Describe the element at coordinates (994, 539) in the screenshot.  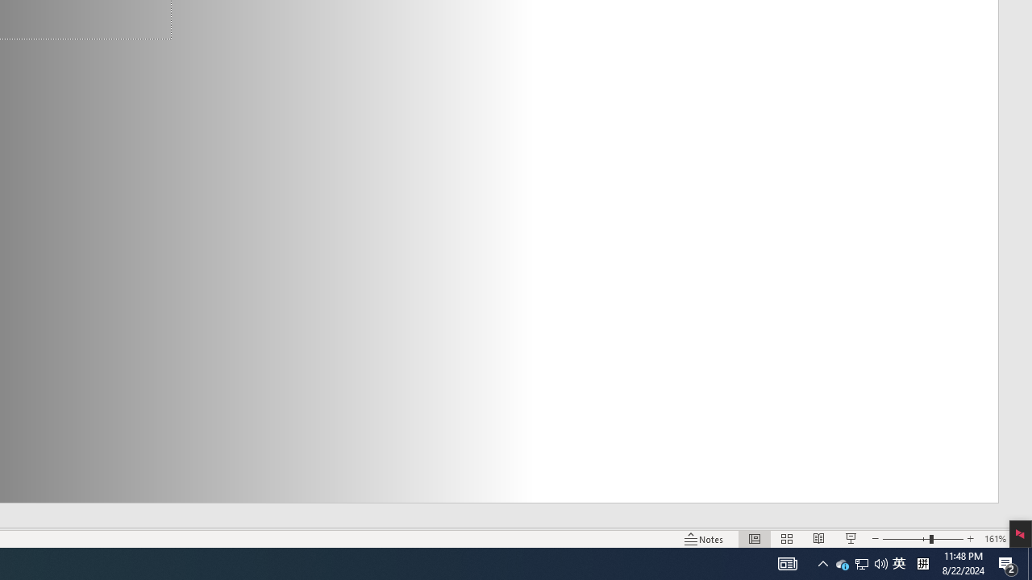
I see `'Zoom 161%'` at that location.